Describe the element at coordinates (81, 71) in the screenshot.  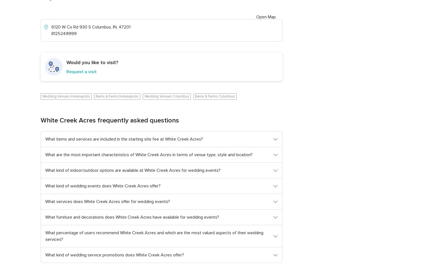
I see `'Request a visit'` at that location.